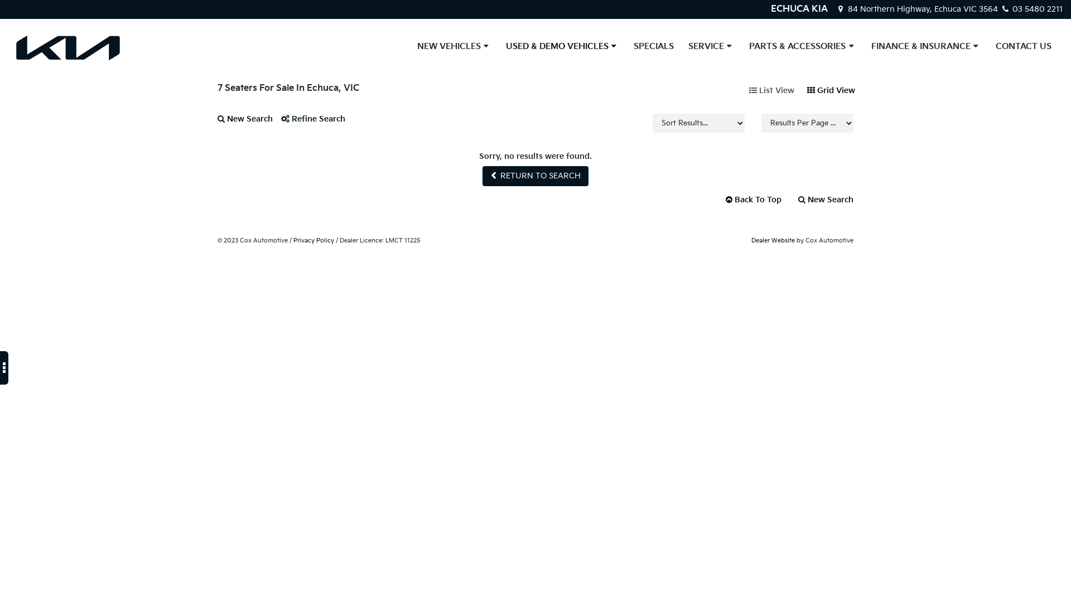 The width and height of the screenshot is (1071, 602). I want to click on 'CONTACT US', so click(1023, 46).